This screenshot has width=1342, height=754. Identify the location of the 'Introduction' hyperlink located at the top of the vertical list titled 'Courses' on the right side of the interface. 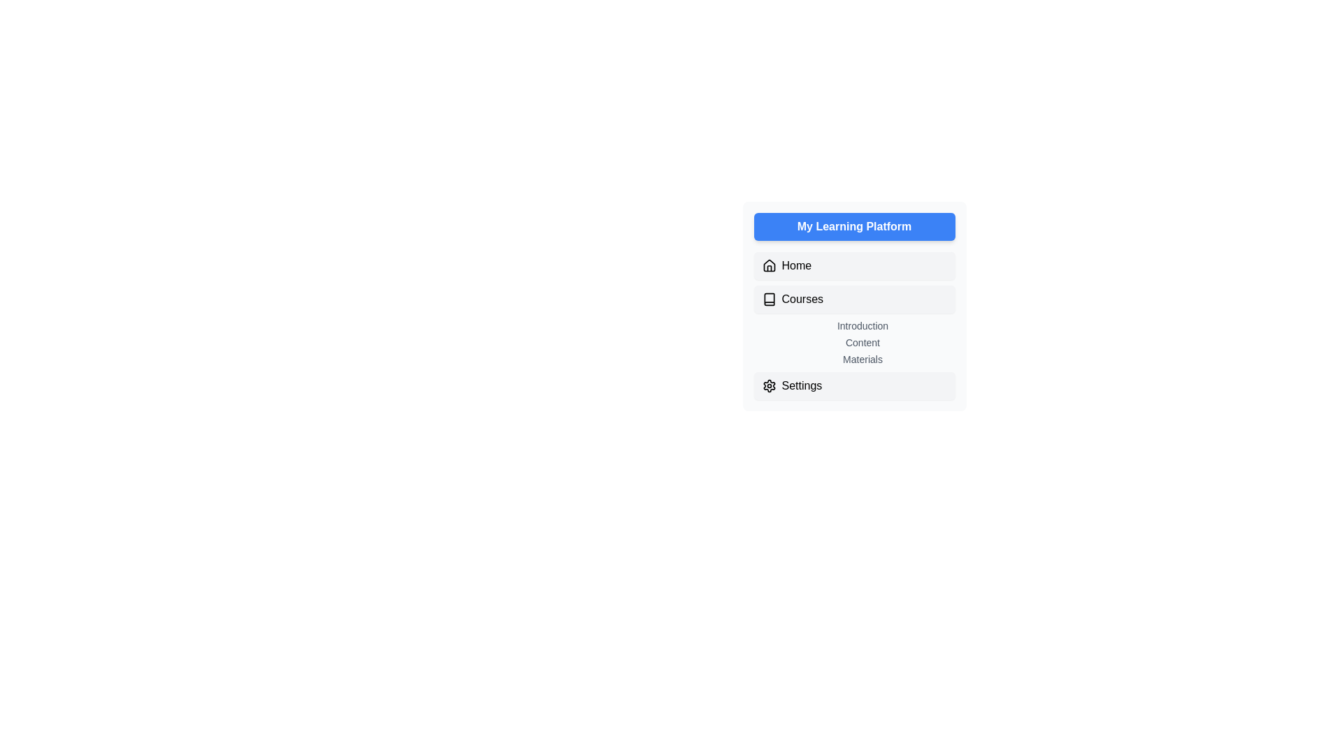
(862, 325).